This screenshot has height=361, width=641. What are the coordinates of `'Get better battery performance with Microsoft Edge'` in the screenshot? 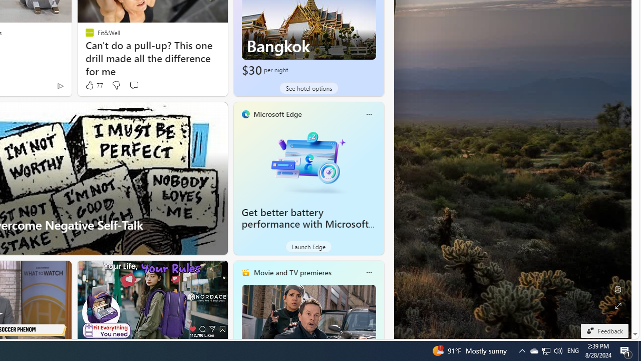 It's located at (308, 160).